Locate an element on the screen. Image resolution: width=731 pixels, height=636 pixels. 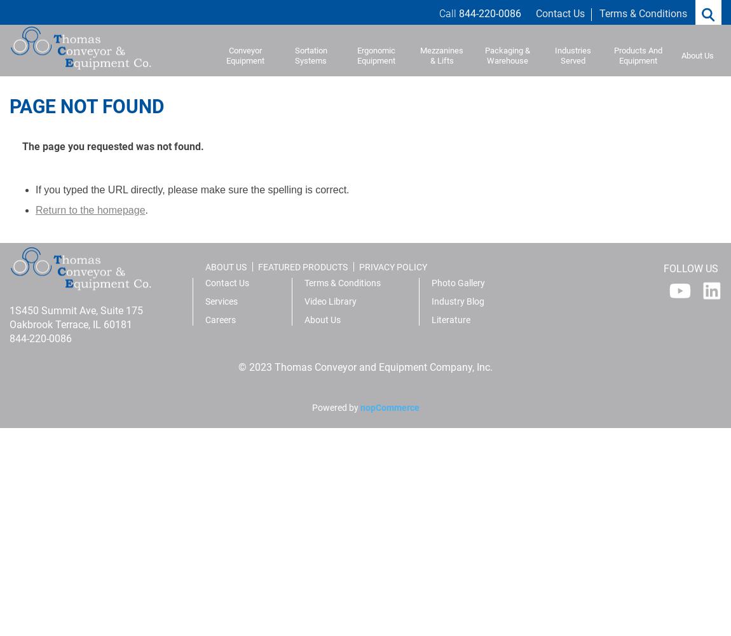
'Packaging & Warehouse' is located at coordinates (483, 55).